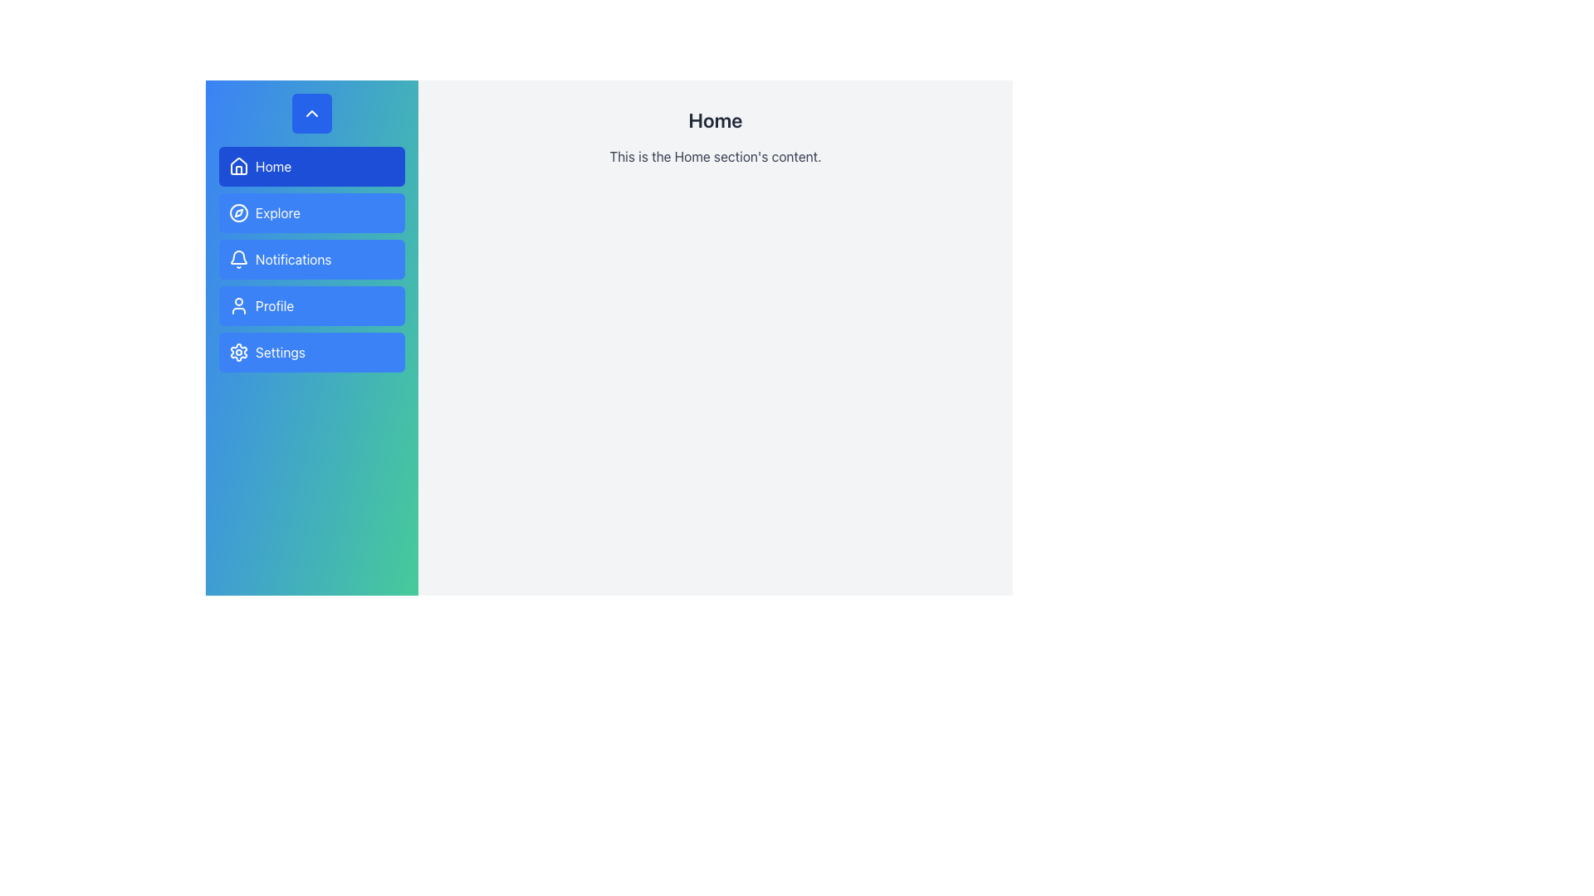  Describe the element at coordinates (273, 166) in the screenshot. I see `text of the 'Home' navigation label, which is located to the right of the house icon inside the blue button labeled 'Home'` at that location.